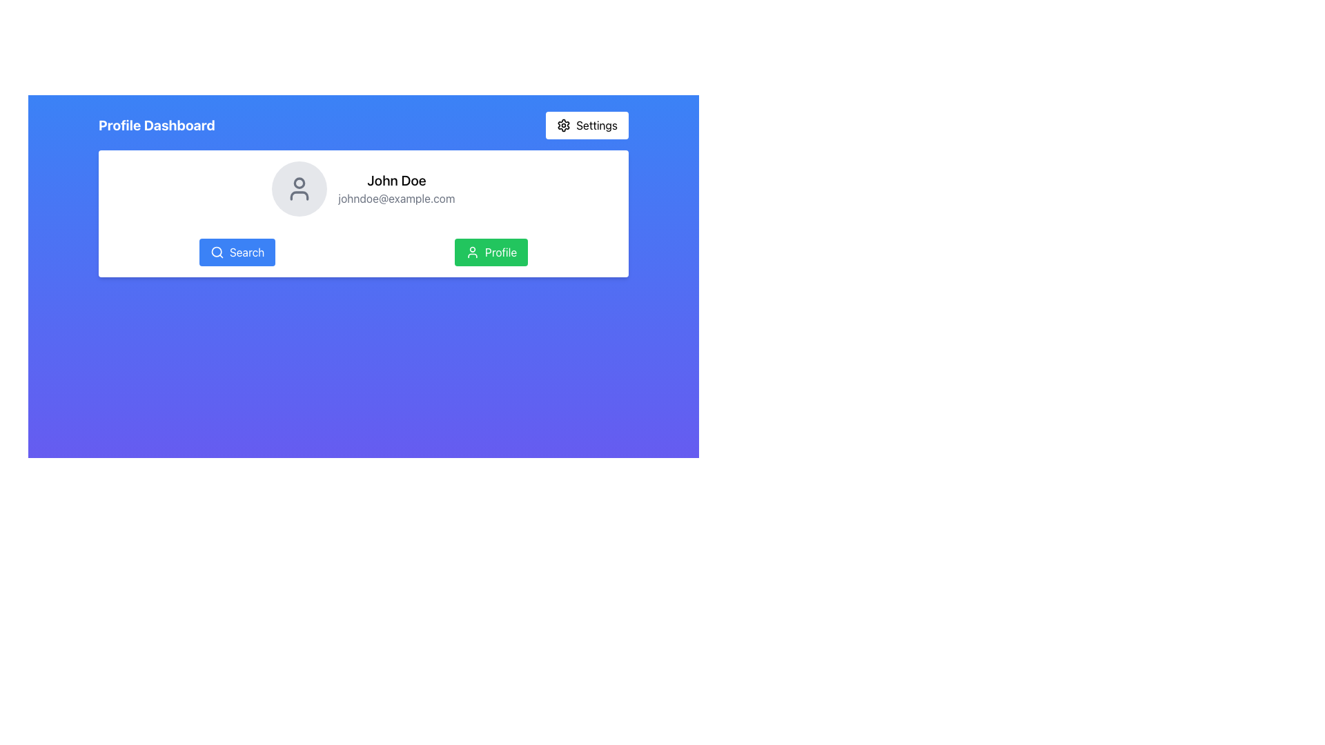  Describe the element at coordinates (587, 125) in the screenshot. I see `the 'Settings' button with a white background and black text, located in the upper-right corner of the Profile Dashboard Settings, to trigger the hover effect` at that location.